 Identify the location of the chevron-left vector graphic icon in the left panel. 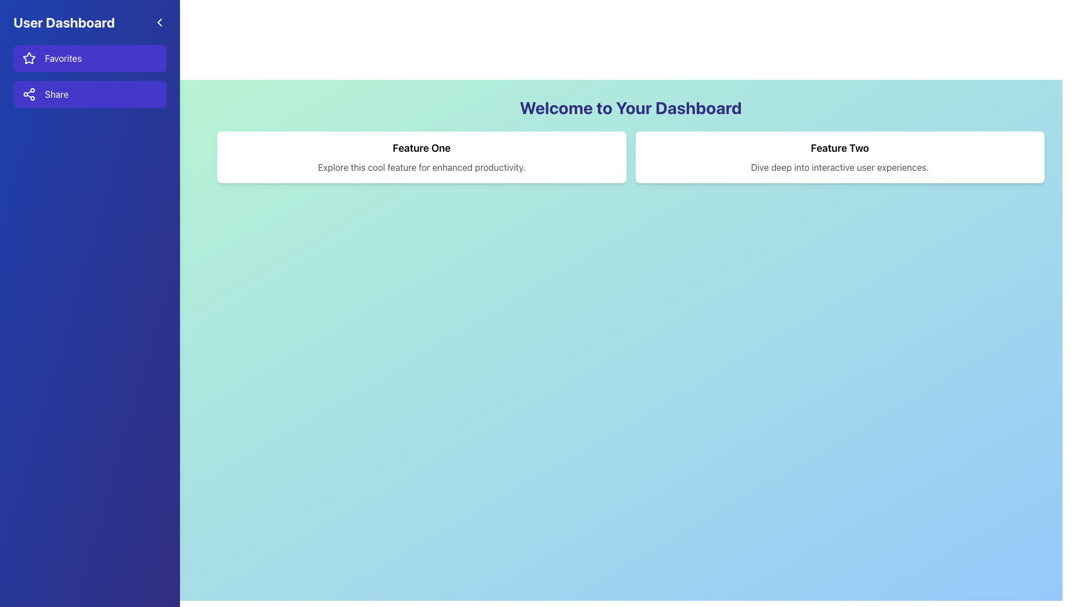
(159, 22).